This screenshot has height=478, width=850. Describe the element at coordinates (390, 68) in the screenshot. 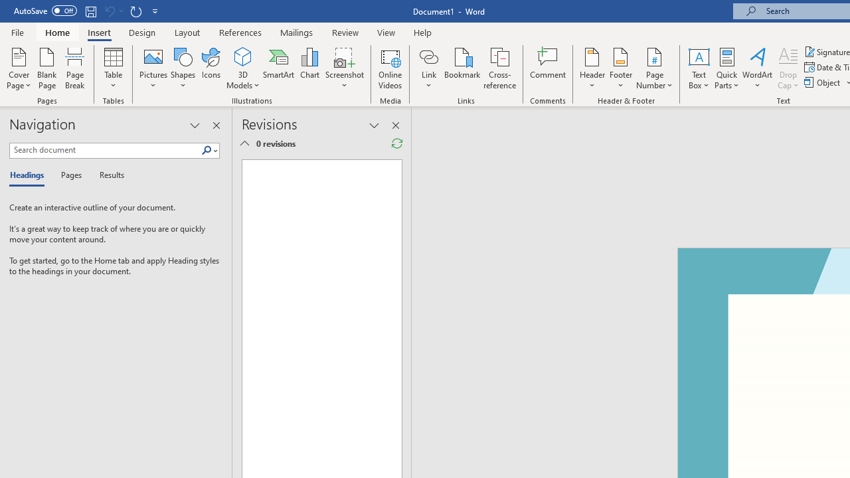

I see `'Online Videos...'` at that location.